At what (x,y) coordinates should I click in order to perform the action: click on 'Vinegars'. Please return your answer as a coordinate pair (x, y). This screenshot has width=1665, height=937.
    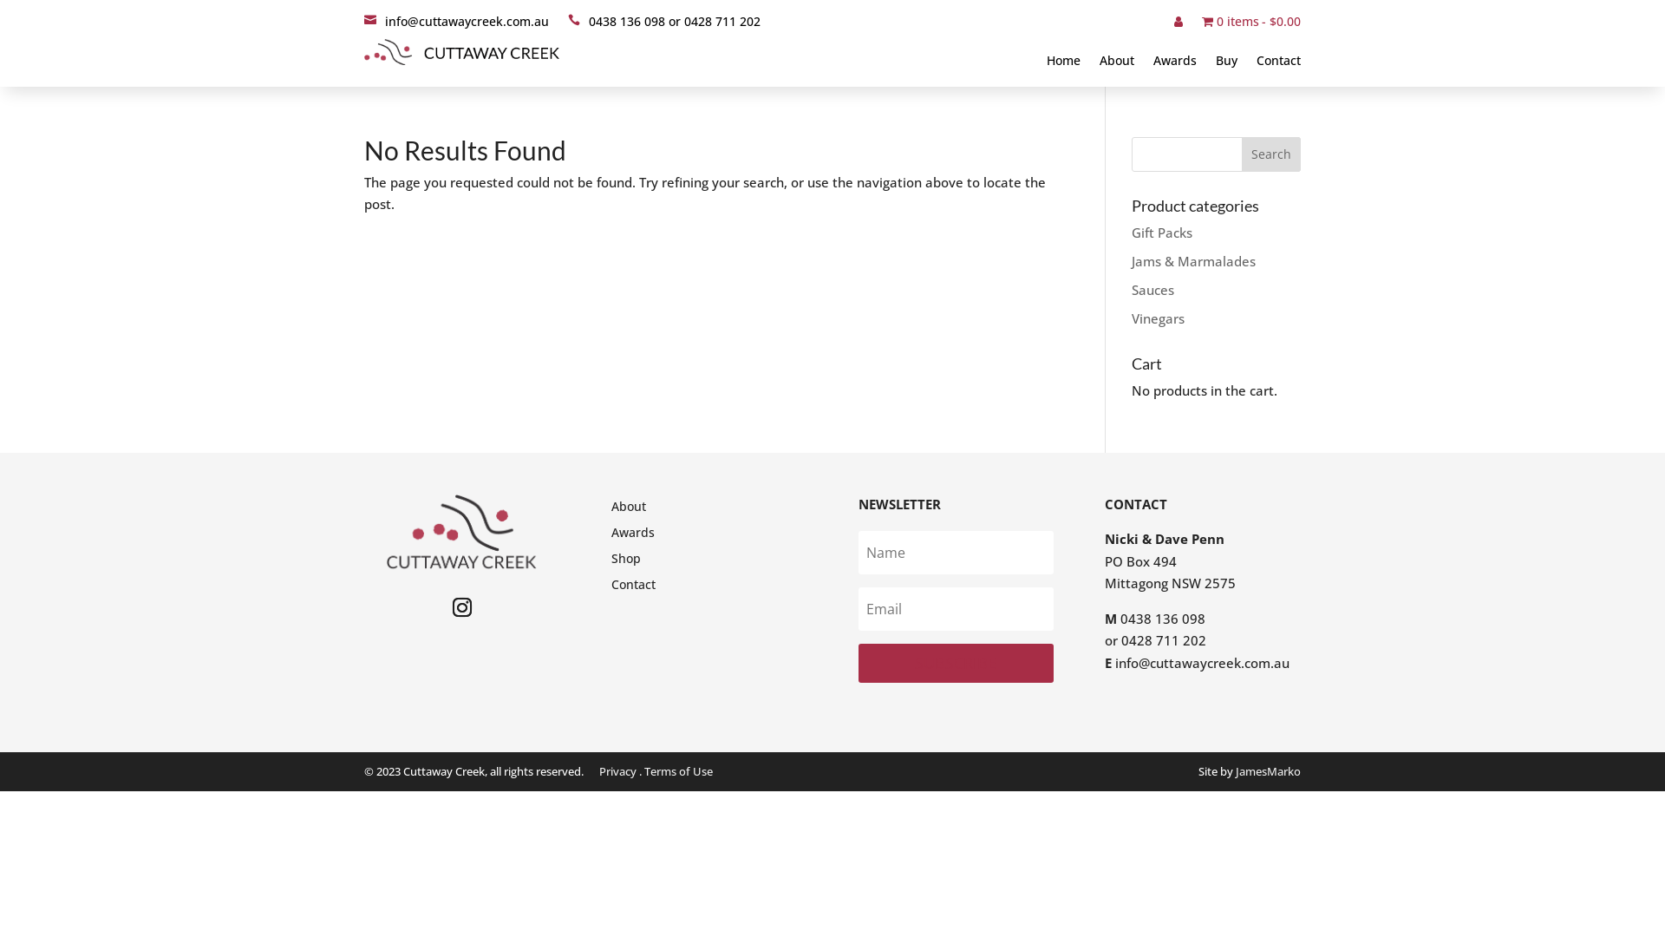
    Looking at the image, I should click on (1132, 318).